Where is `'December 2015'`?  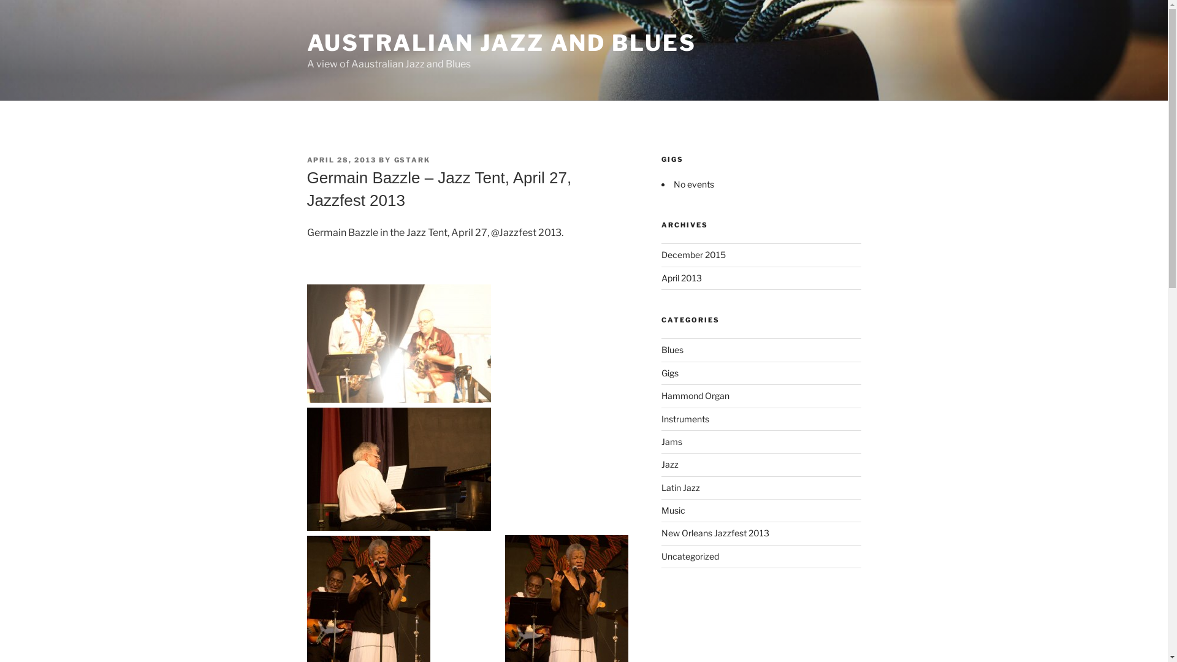
'December 2015' is located at coordinates (661, 254).